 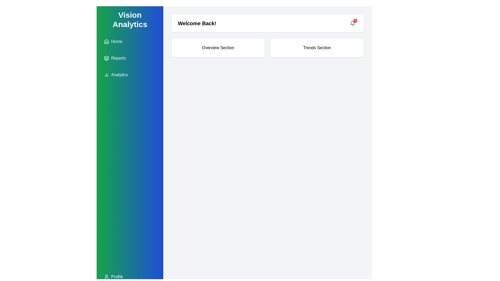 I want to click on the notification count displayed on the badge located at the top-right corner of the notification bell icon in the application interface, so click(x=355, y=21).